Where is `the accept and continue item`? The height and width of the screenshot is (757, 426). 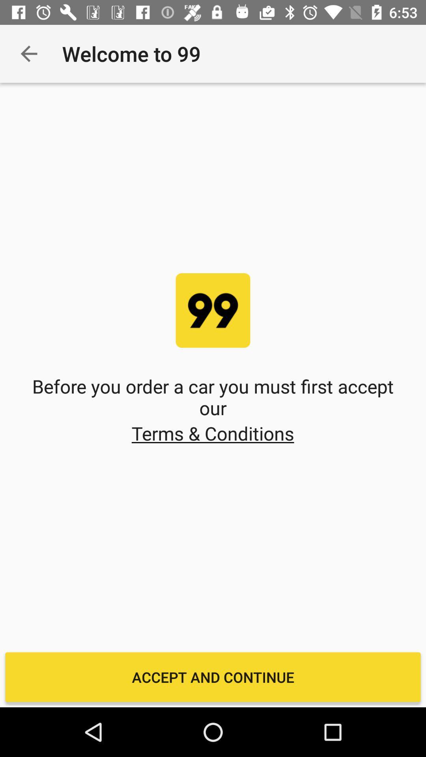 the accept and continue item is located at coordinates (213, 677).